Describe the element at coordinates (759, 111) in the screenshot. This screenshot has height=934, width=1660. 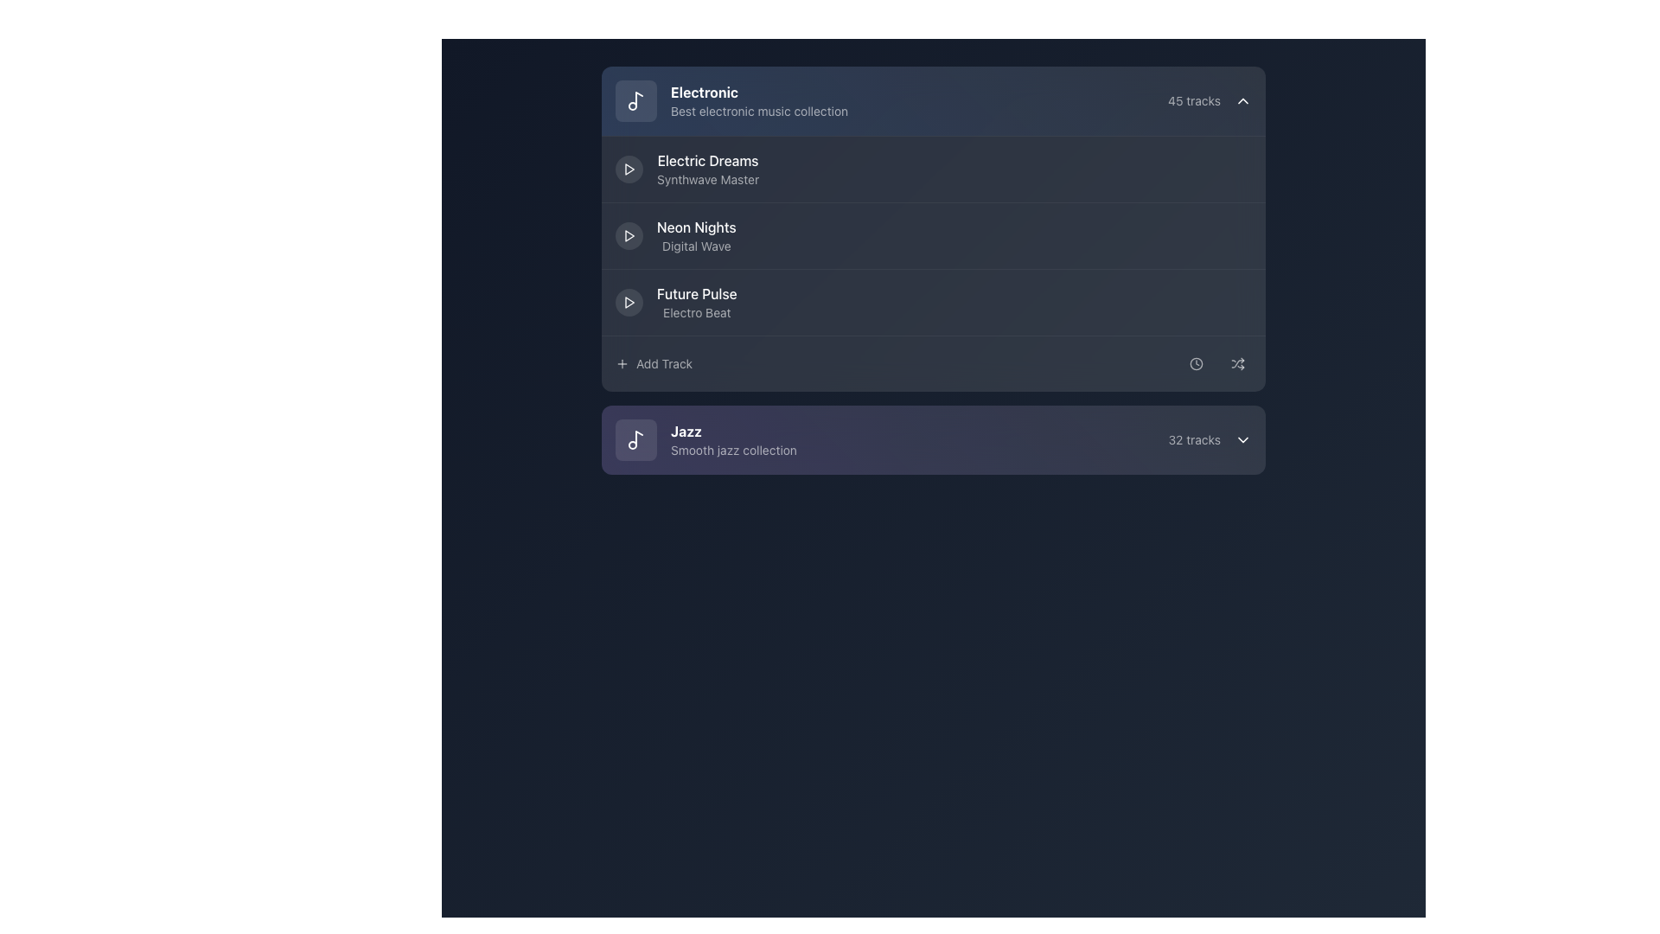
I see `the text label that reads 'Best electronic music collection', which is located below the bold 'Electronic' title within the panel labeled 'Electronic'` at that location.